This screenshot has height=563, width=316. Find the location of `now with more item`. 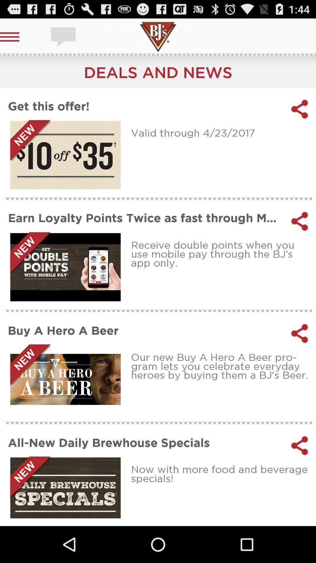

now with more item is located at coordinates (221, 474).